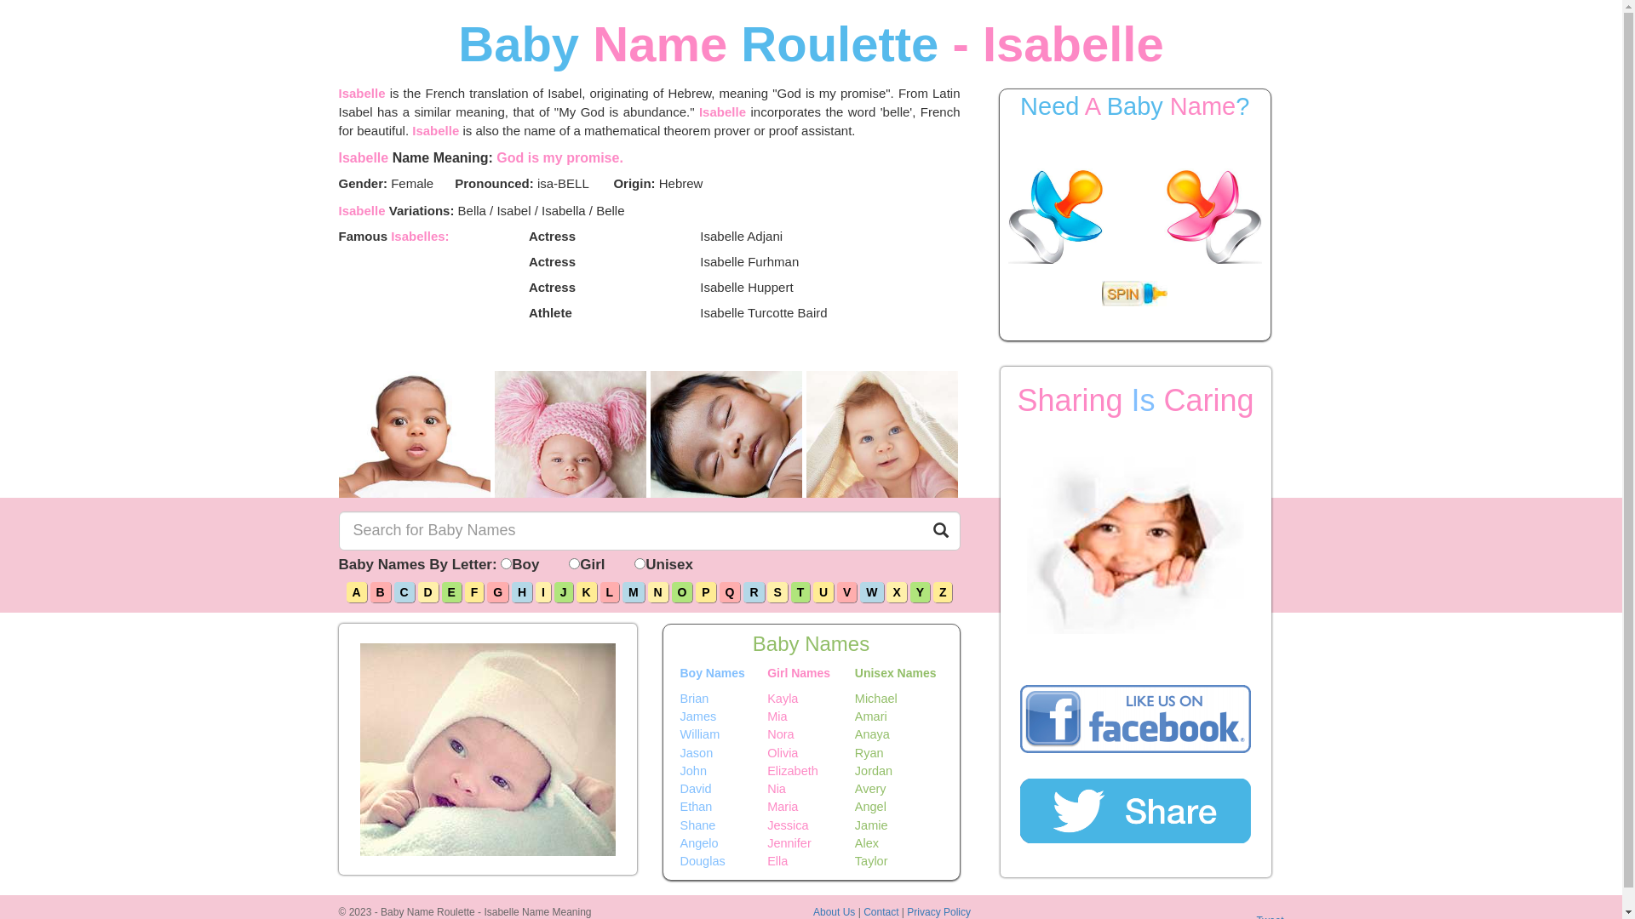 The width and height of the screenshot is (1635, 919). I want to click on 'Kayla', so click(766, 698).